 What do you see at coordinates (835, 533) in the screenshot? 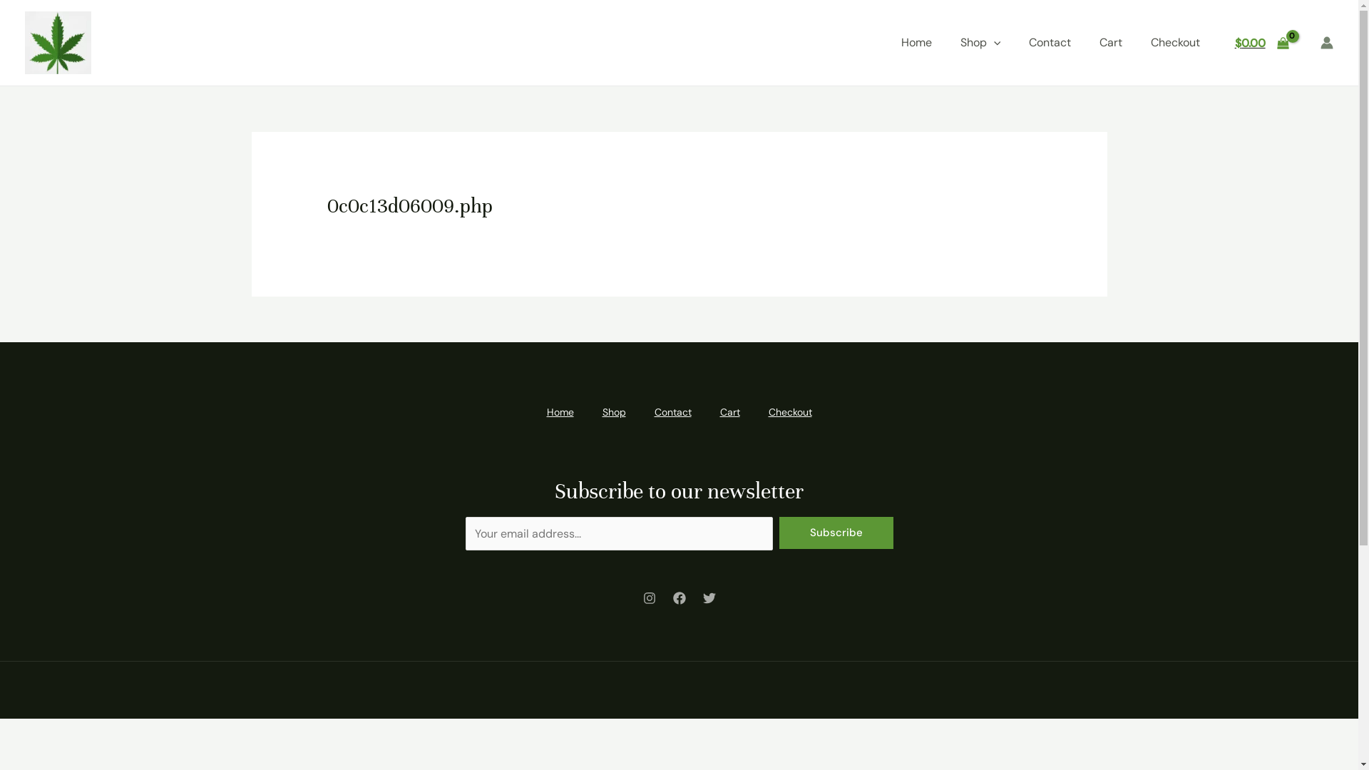
I see `'Subscribe'` at bounding box center [835, 533].